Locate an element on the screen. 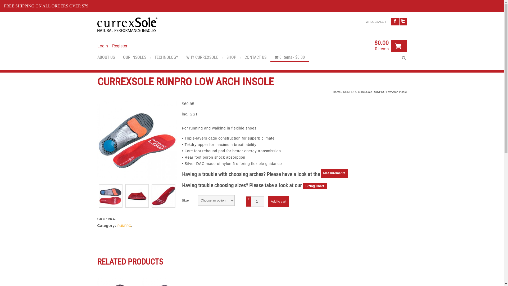 The width and height of the screenshot is (508, 286). '0 items$0.00' is located at coordinates (289, 58).